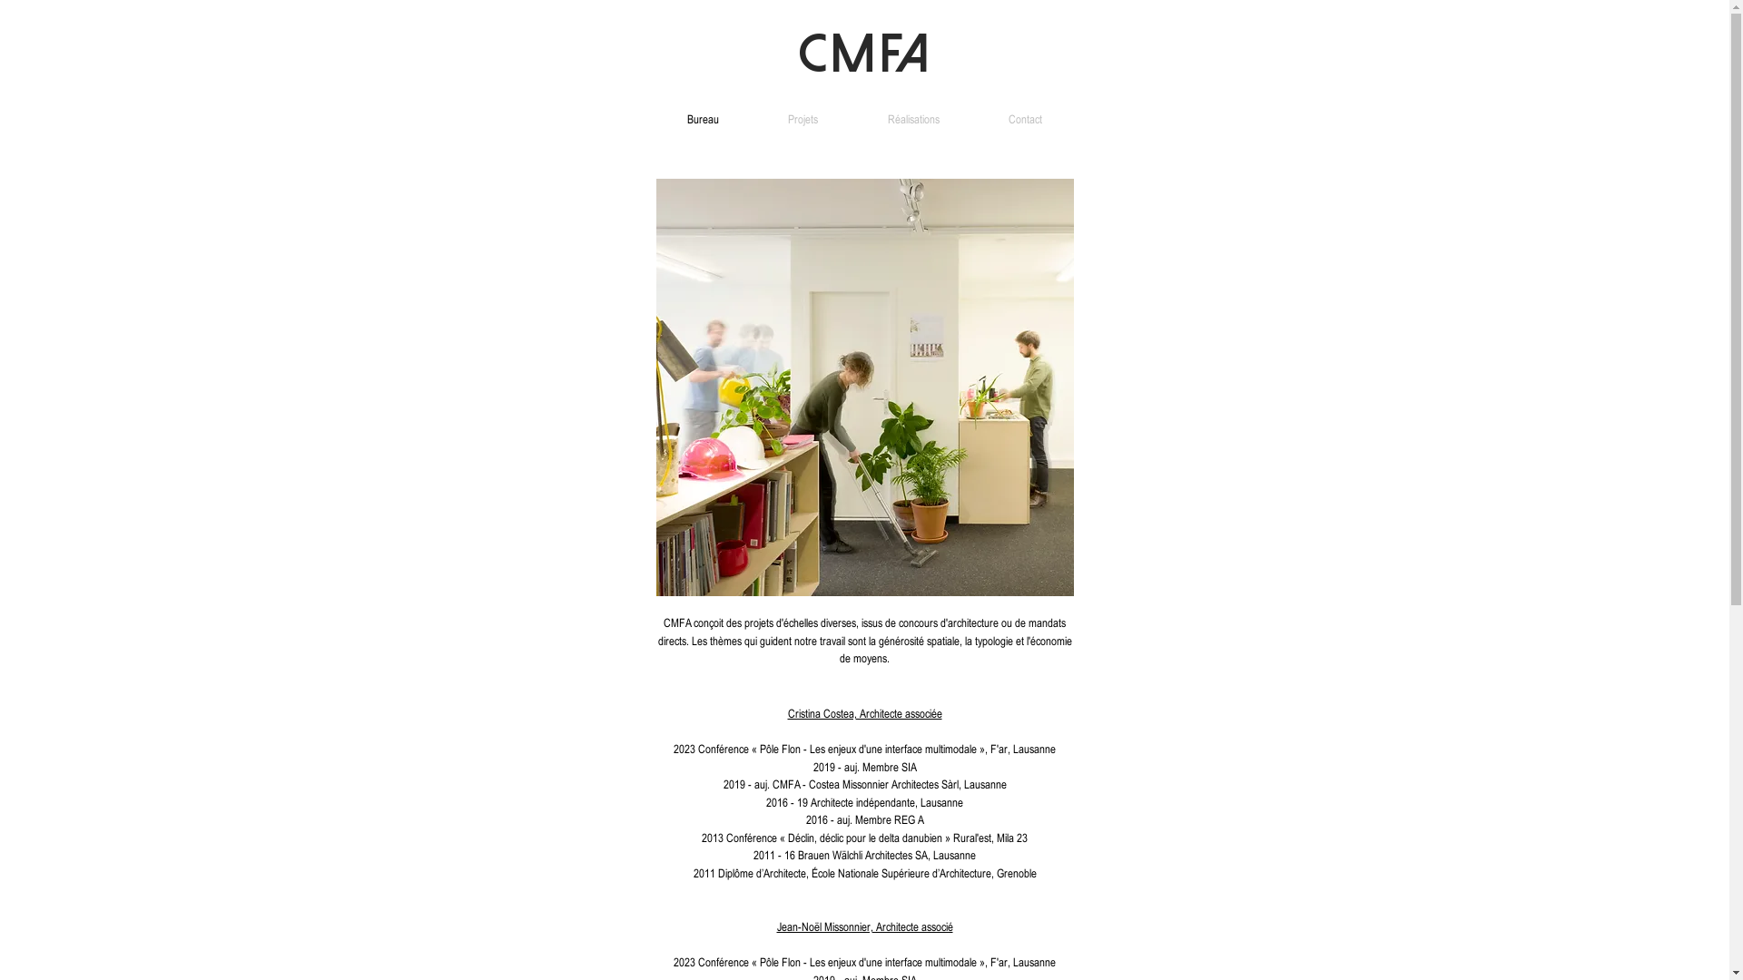  Describe the element at coordinates (862, 52) in the screenshot. I see `'CMFA'` at that location.